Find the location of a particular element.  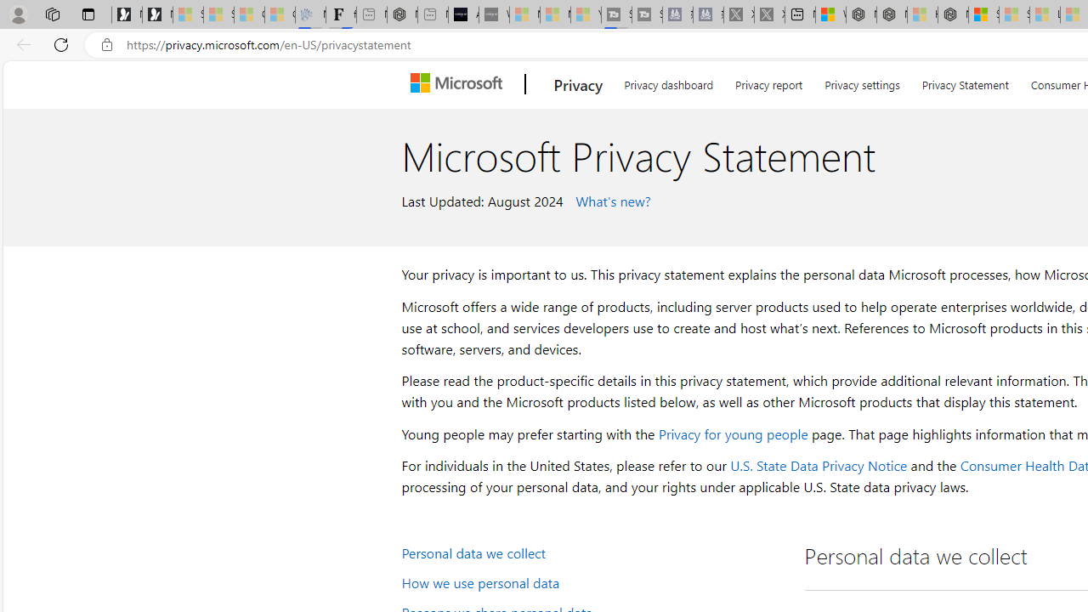

'Privacy for young people' is located at coordinates (733, 433).